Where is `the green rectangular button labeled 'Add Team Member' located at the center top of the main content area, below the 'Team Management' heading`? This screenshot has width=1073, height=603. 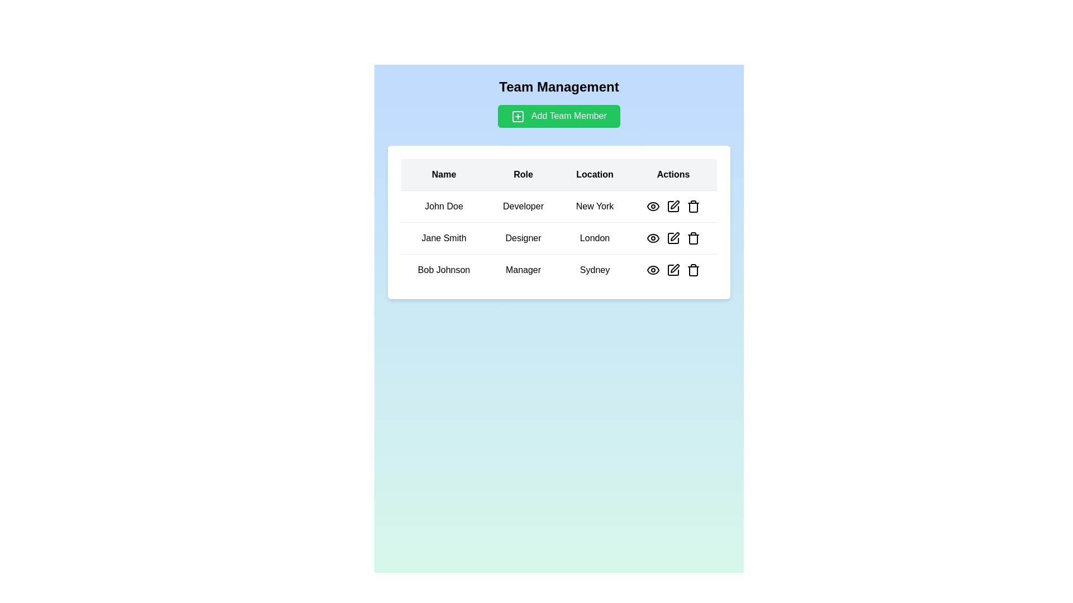
the green rectangular button labeled 'Add Team Member' located at the center top of the main content area, below the 'Team Management' heading is located at coordinates (559, 116).